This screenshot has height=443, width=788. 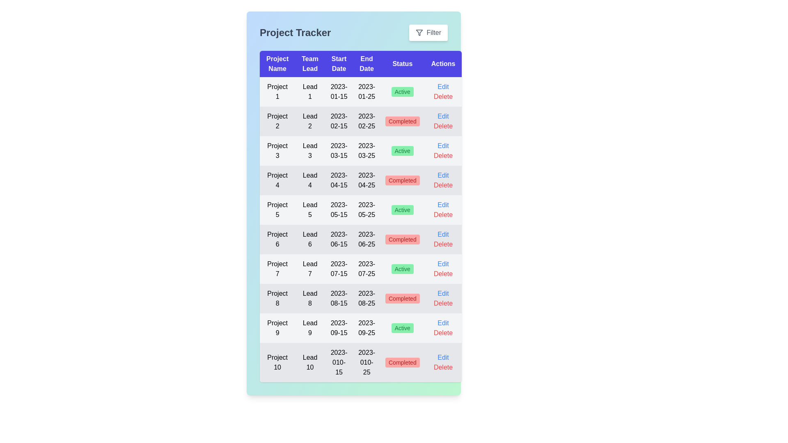 I want to click on the column header corresponding to Project Name to sort by that column, so click(x=277, y=63).